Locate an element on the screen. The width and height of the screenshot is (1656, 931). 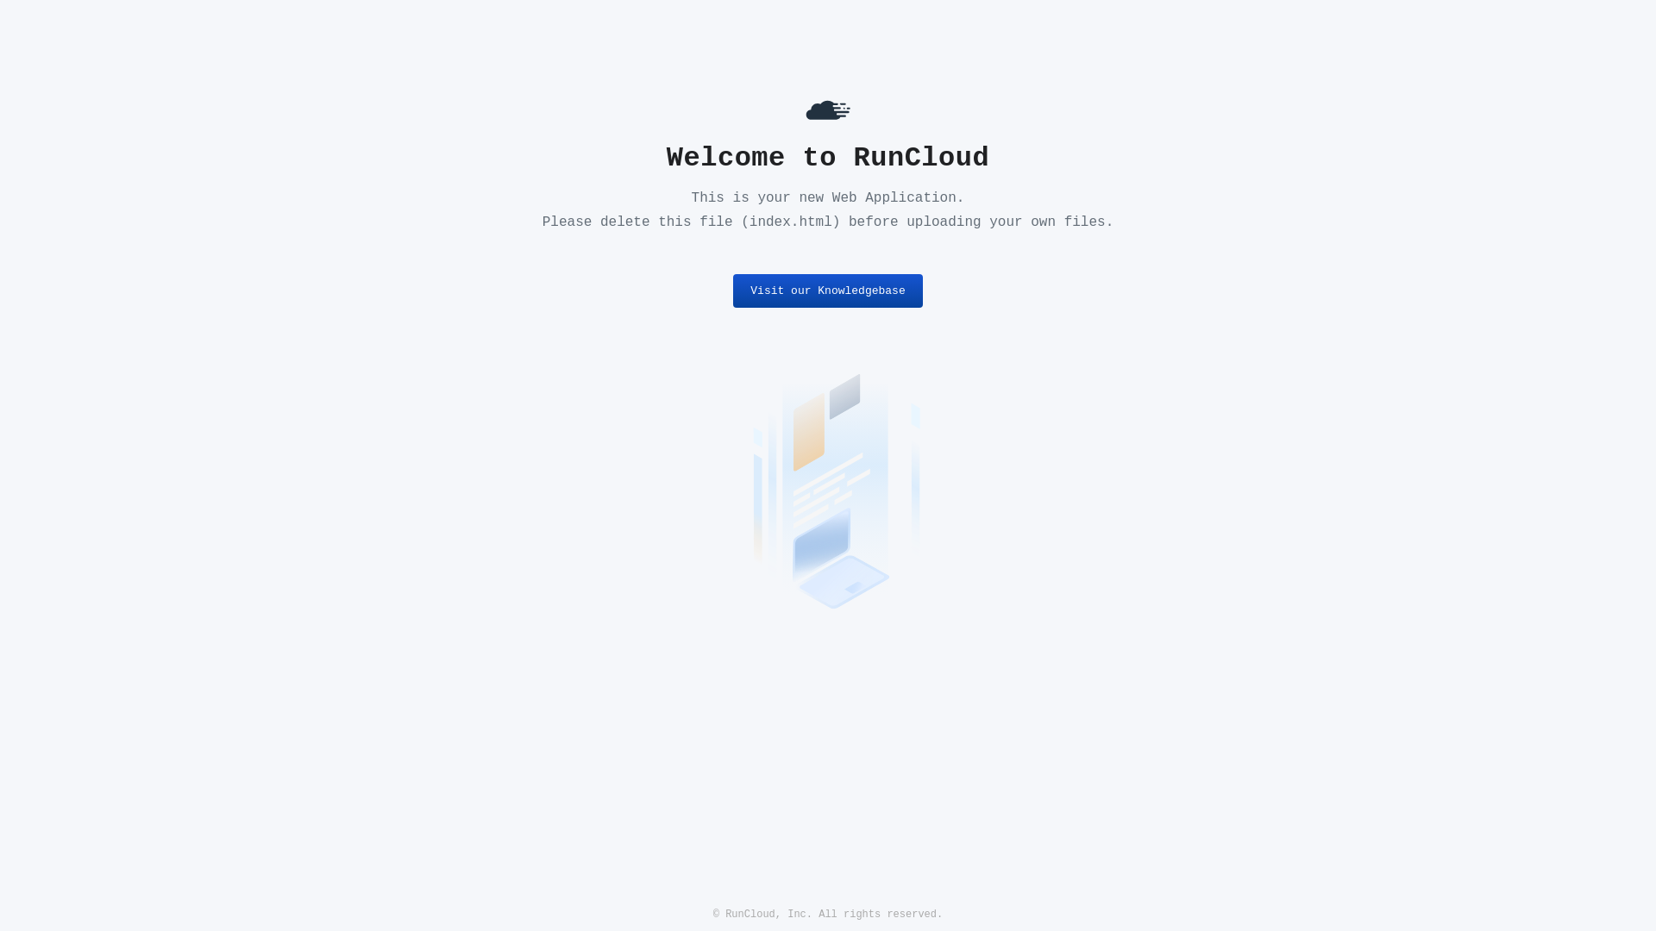
'Visit our Knowledgebase' is located at coordinates (826, 290).